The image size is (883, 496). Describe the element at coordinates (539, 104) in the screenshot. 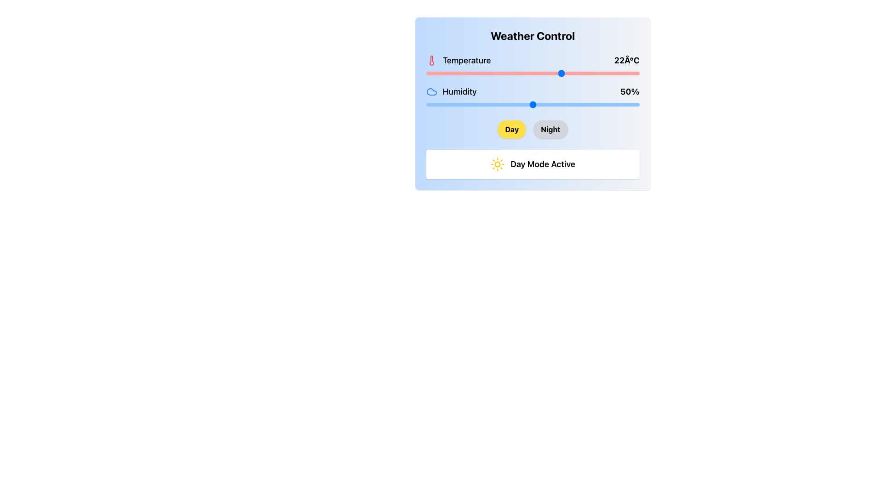

I see `the humidity slider` at that location.